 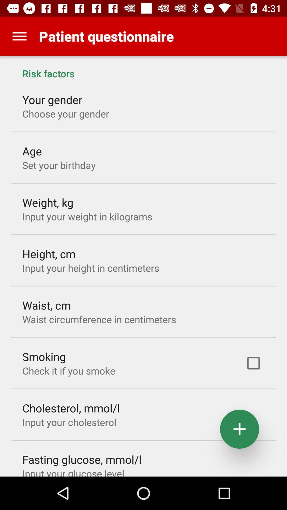 I want to click on weight, kg icon, so click(x=48, y=202).